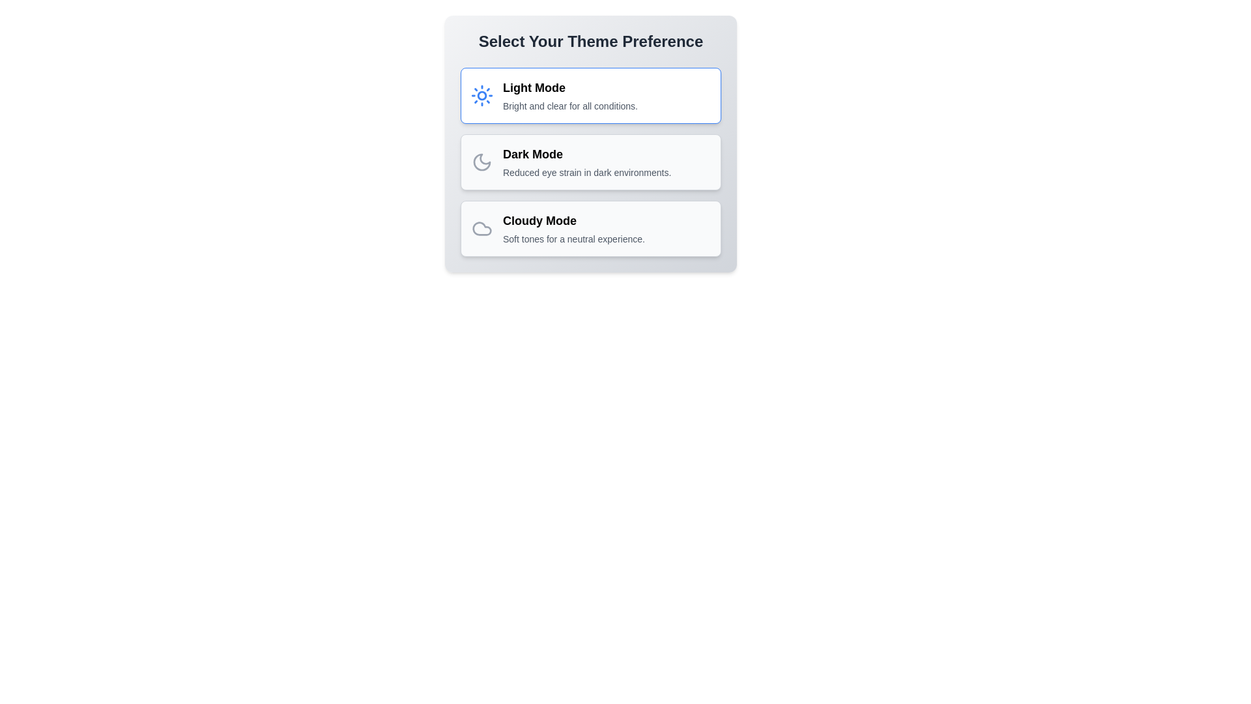  I want to click on text content of the text block displaying the bolded heading 'Cloudy Mode' and subtext 'Soft tones for a neutral experience.' which is located in the third card of the 'Select Your Theme Preference' interface, so click(573, 228).